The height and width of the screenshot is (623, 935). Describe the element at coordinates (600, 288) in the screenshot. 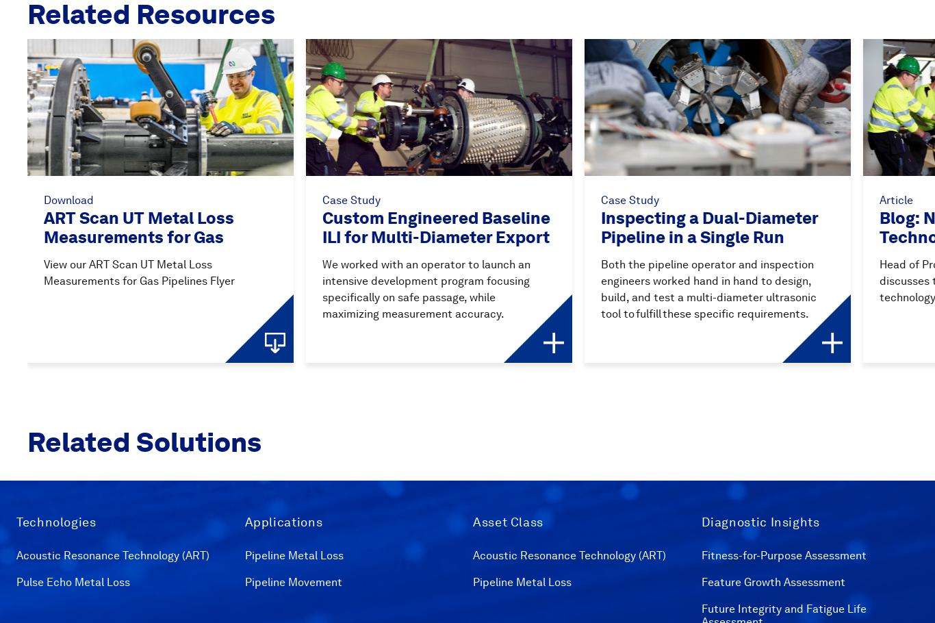

I see `'Both the pipeline operator and inspection engineers worked hand in hand to design, build, and test a multi-diameter ultrasonic tool to fulfill these specific requirements.'` at that location.